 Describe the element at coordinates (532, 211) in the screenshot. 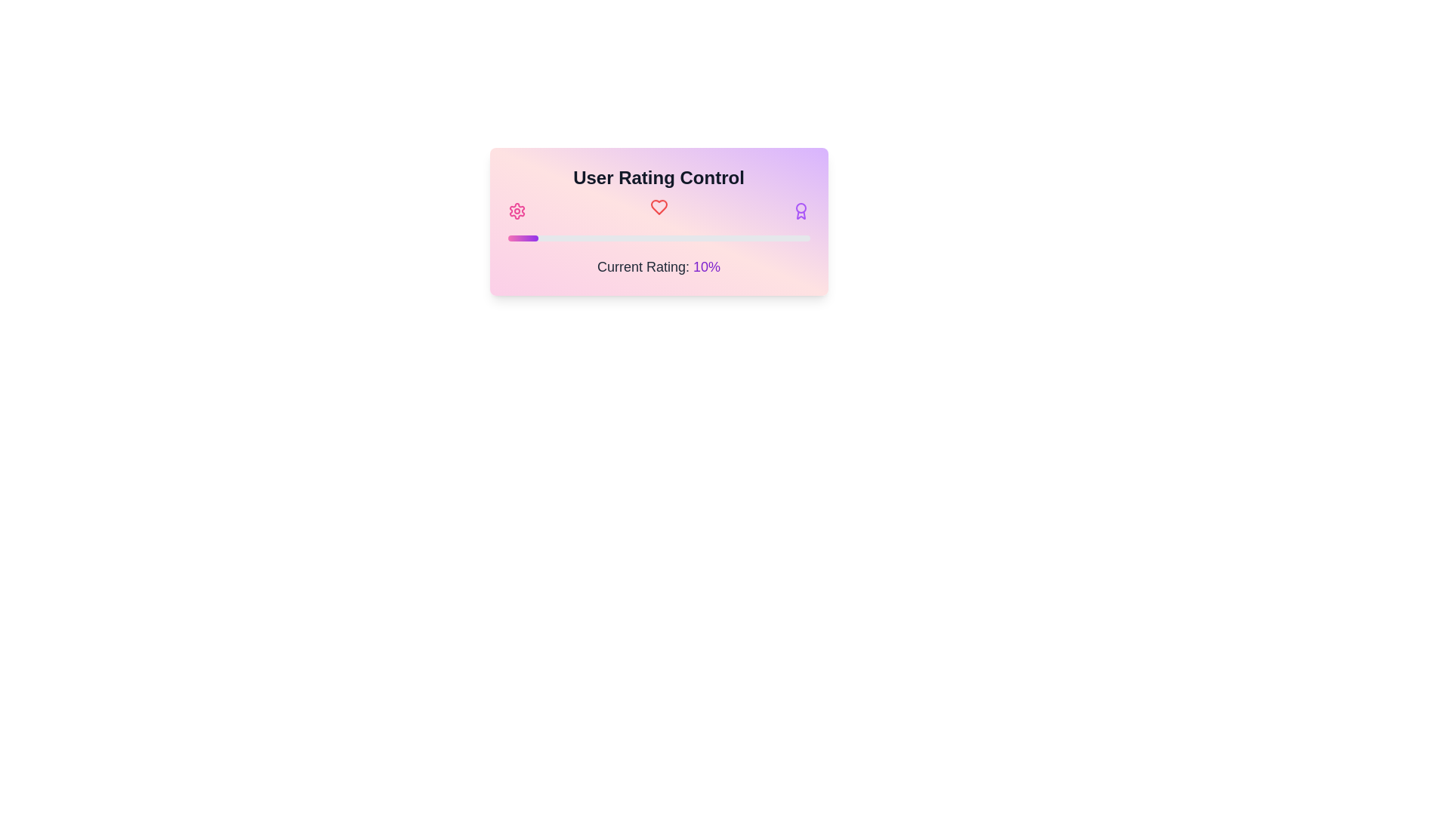

I see `the rating value` at that location.